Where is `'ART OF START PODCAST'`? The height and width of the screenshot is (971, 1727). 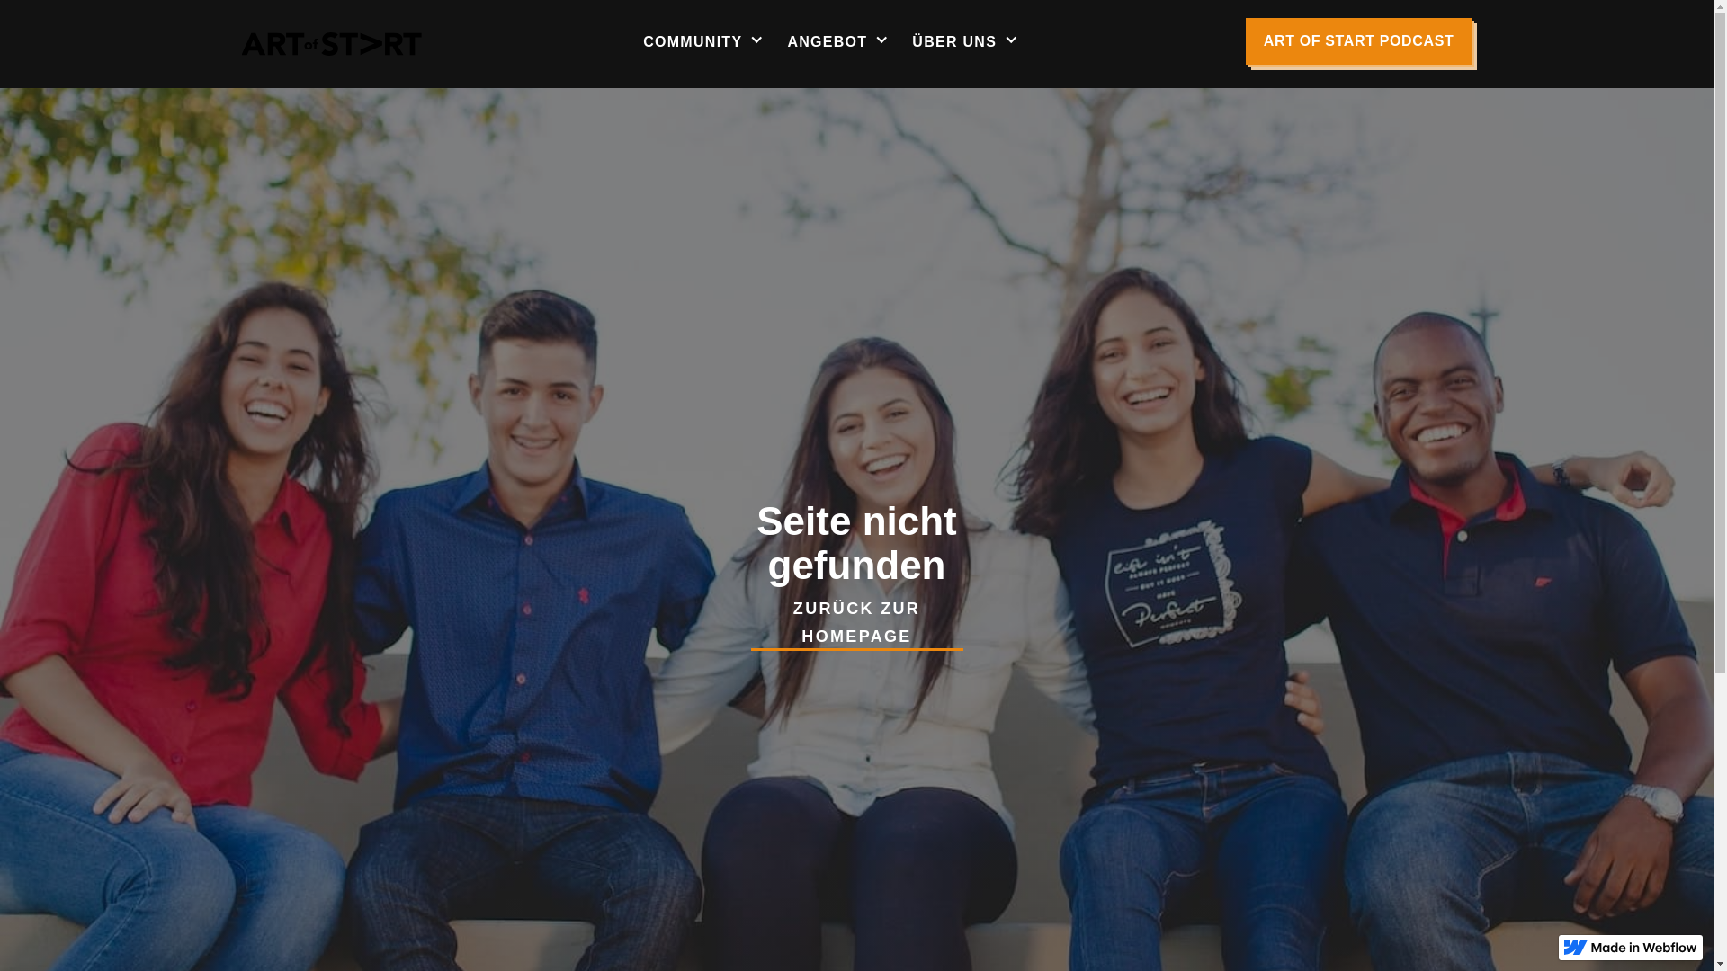 'ART OF START PODCAST' is located at coordinates (1359, 40).